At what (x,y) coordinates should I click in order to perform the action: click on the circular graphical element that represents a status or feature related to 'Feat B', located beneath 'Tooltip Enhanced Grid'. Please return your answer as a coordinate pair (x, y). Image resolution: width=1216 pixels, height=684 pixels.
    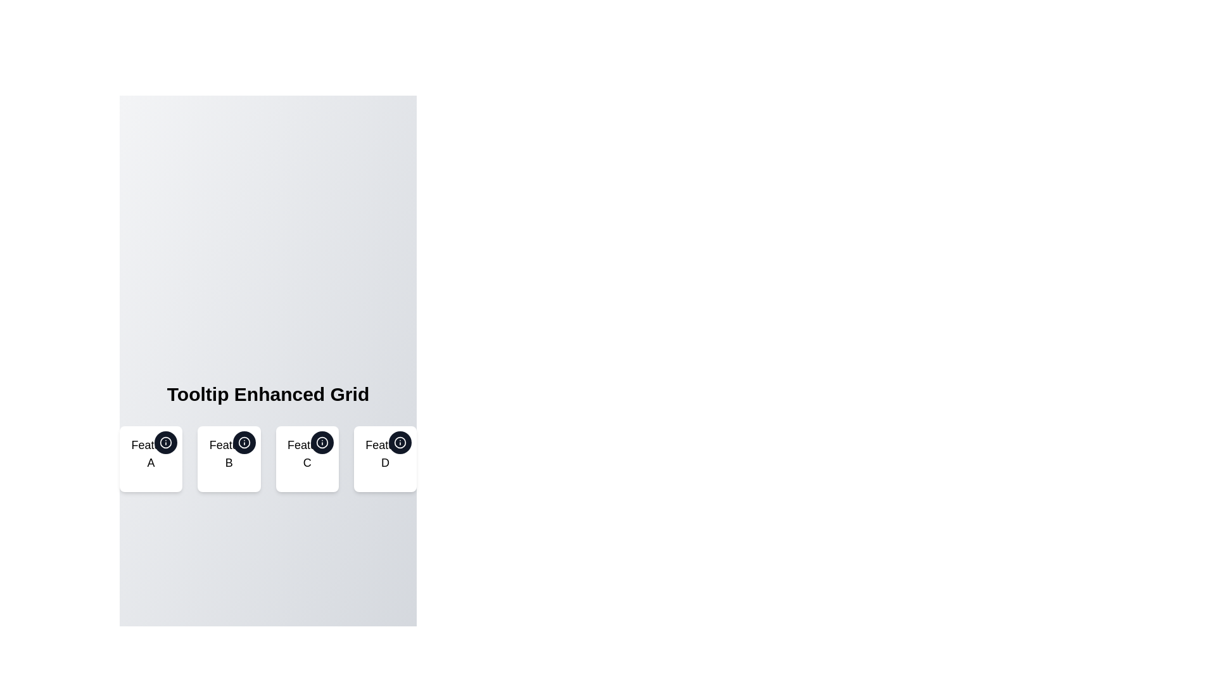
    Looking at the image, I should click on (244, 441).